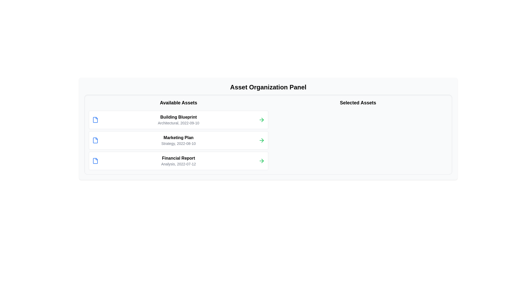 Image resolution: width=506 pixels, height=284 pixels. I want to click on the text label that says 'Strategy, 2022-08-10', which is styled with a smaller, lighter gray font and positioned below the bold 'Marketing Plan' title in the 'Available Assets' list, so click(178, 144).